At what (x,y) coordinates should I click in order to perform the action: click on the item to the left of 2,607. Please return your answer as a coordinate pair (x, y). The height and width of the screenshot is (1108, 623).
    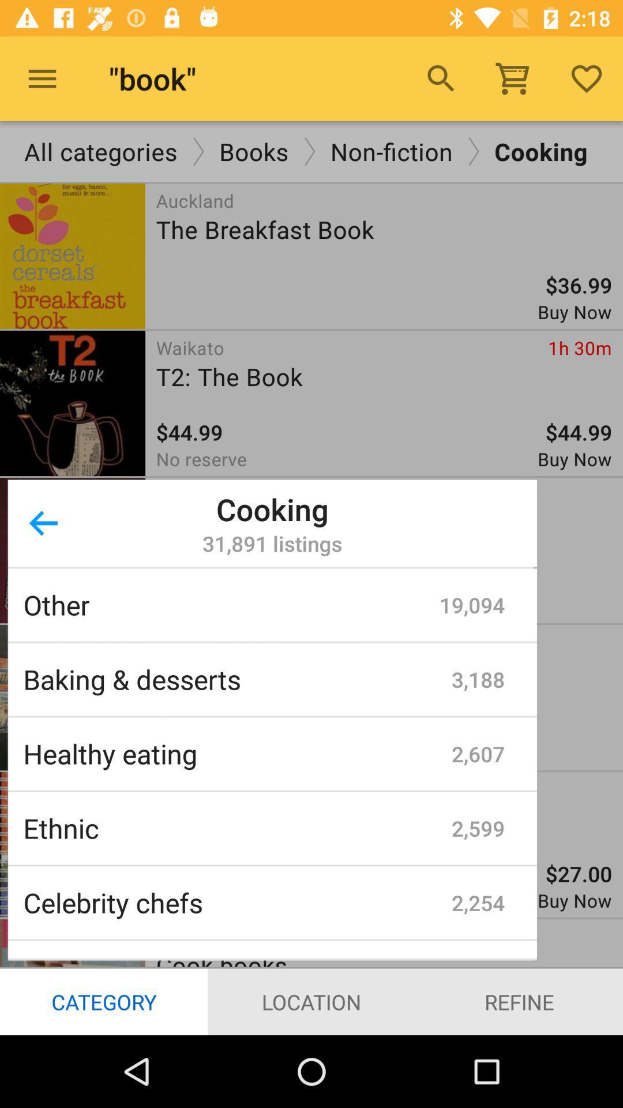
    Looking at the image, I should click on (237, 754).